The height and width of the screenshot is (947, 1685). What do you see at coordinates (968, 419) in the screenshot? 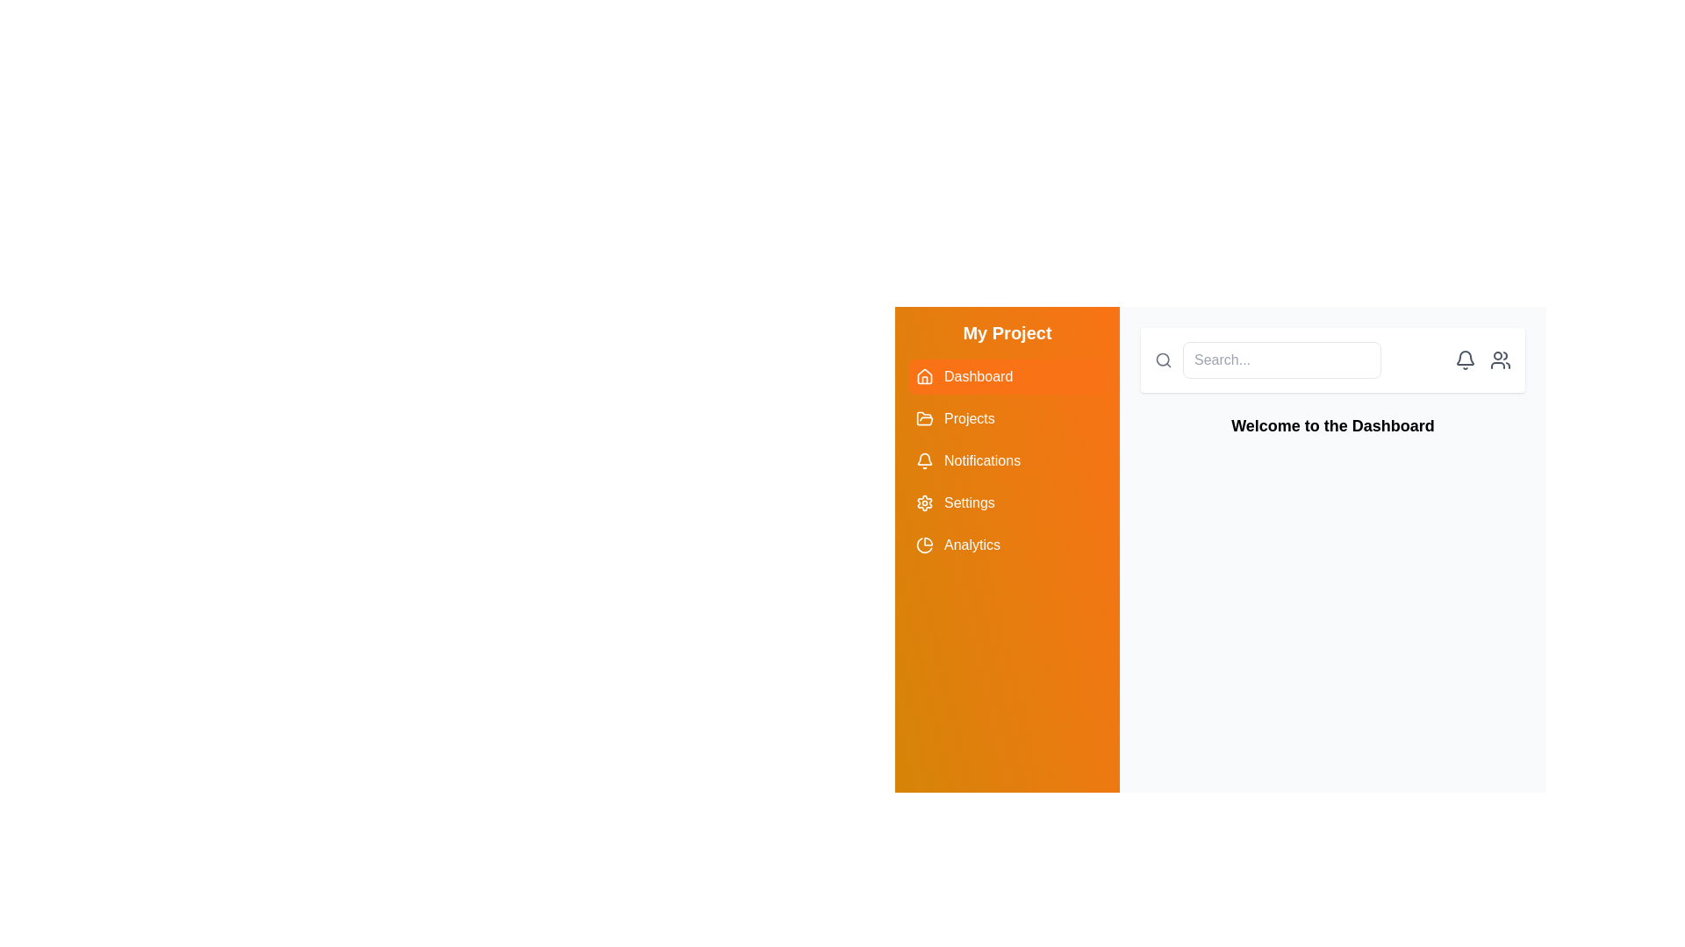
I see `the 'Projects' text label in the vertical navigation menu` at bounding box center [968, 419].